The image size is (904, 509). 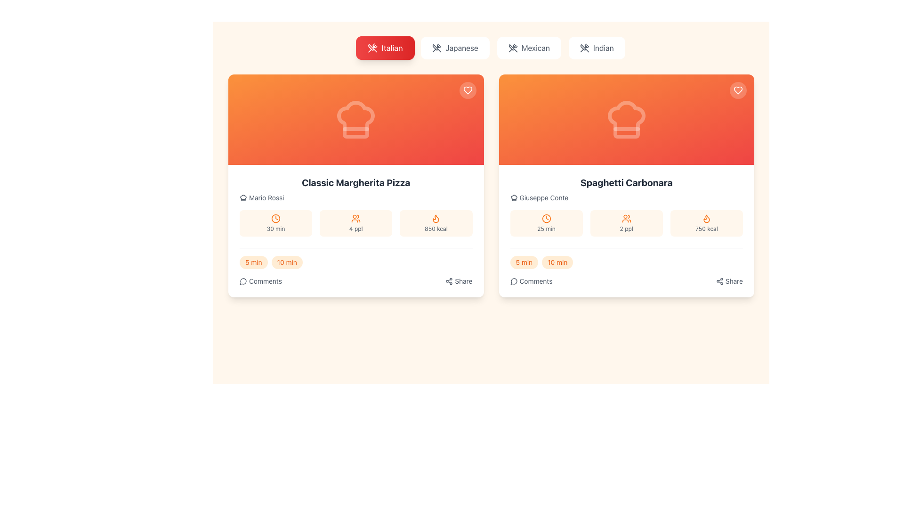 I want to click on the '10 min' button in the horizontally-aligned group of pill-shaped buttons with an orange background, located beneath the Classic Margherita Pizza card, so click(x=355, y=262).